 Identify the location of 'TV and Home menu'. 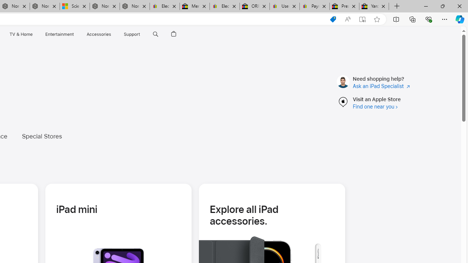
(34, 34).